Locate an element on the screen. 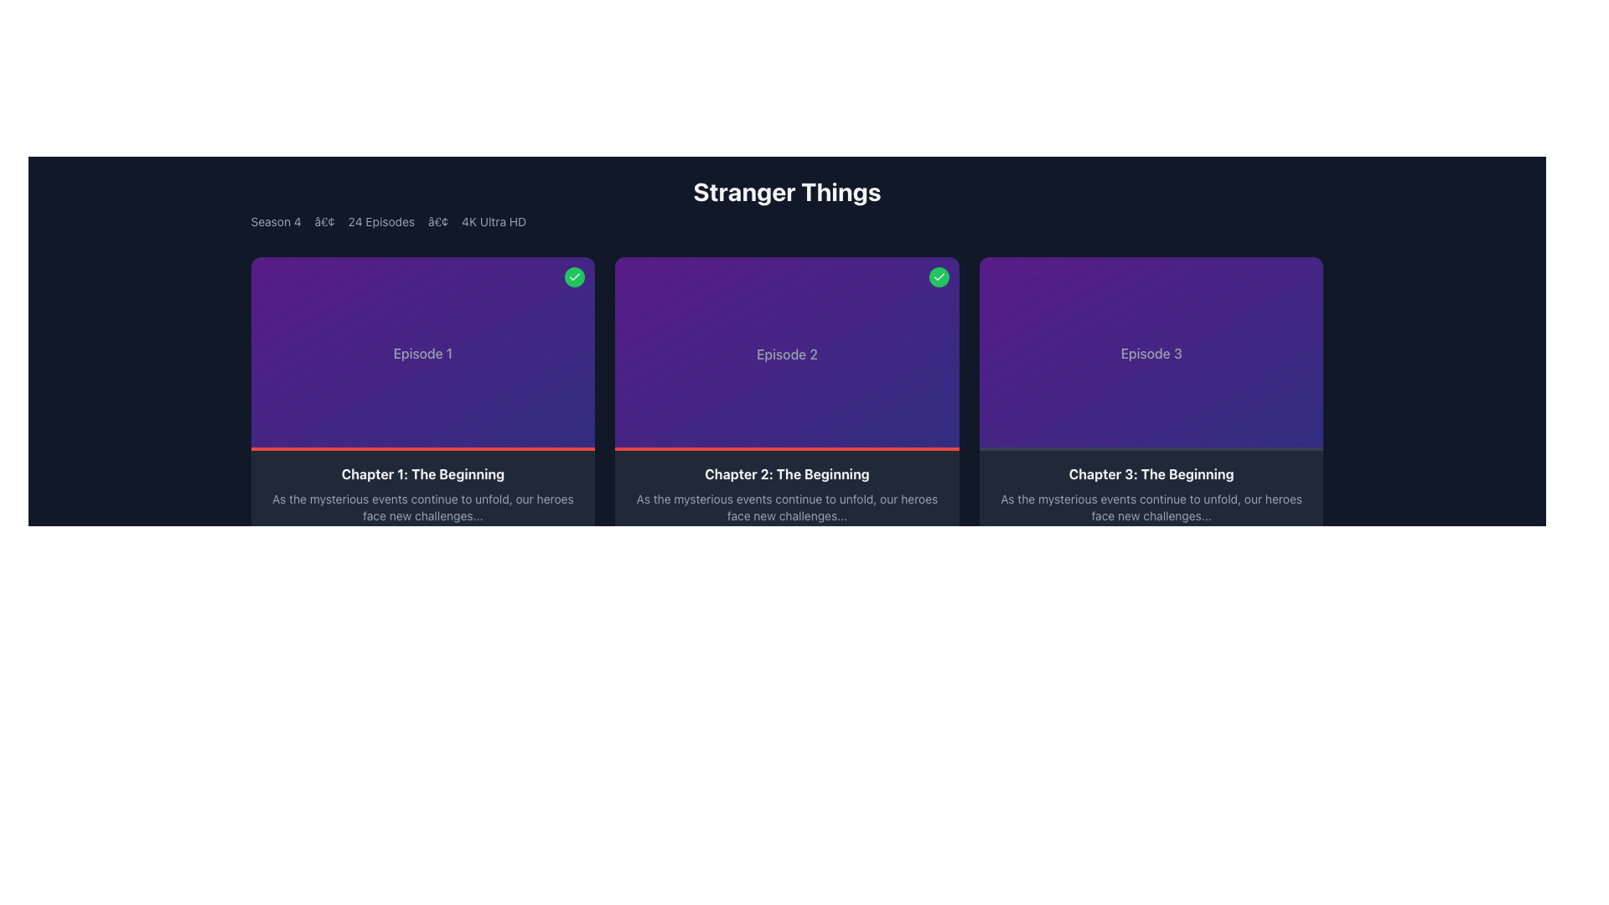 Image resolution: width=1609 pixels, height=905 pixels. the text label indicating the episode number of the content in the second card of the horizontally aligned row is located at coordinates (786, 353).